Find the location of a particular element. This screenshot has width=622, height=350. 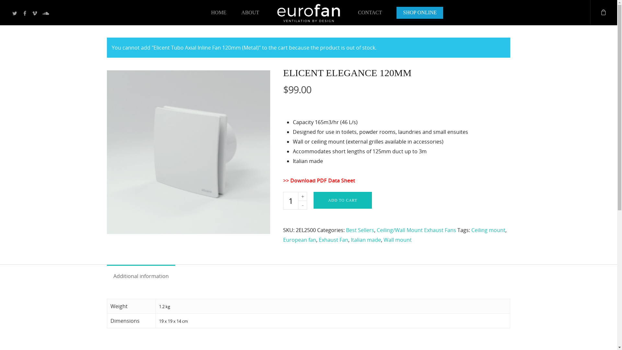

'CONTACT' is located at coordinates (351, 14).